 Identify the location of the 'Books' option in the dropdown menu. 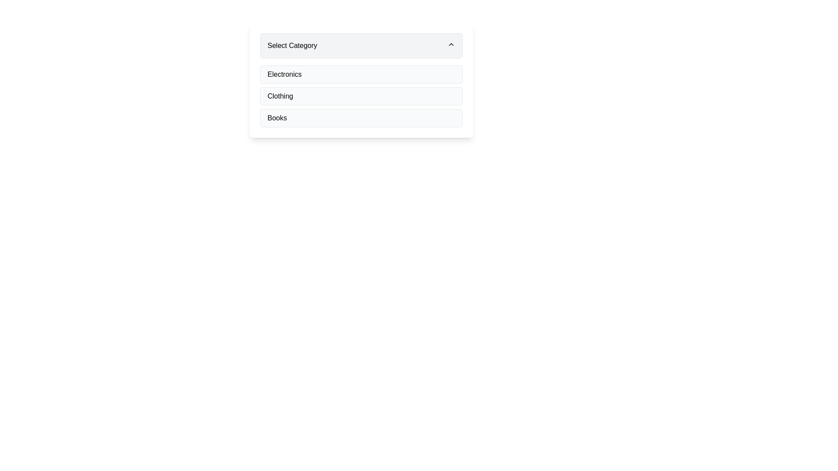
(361, 118).